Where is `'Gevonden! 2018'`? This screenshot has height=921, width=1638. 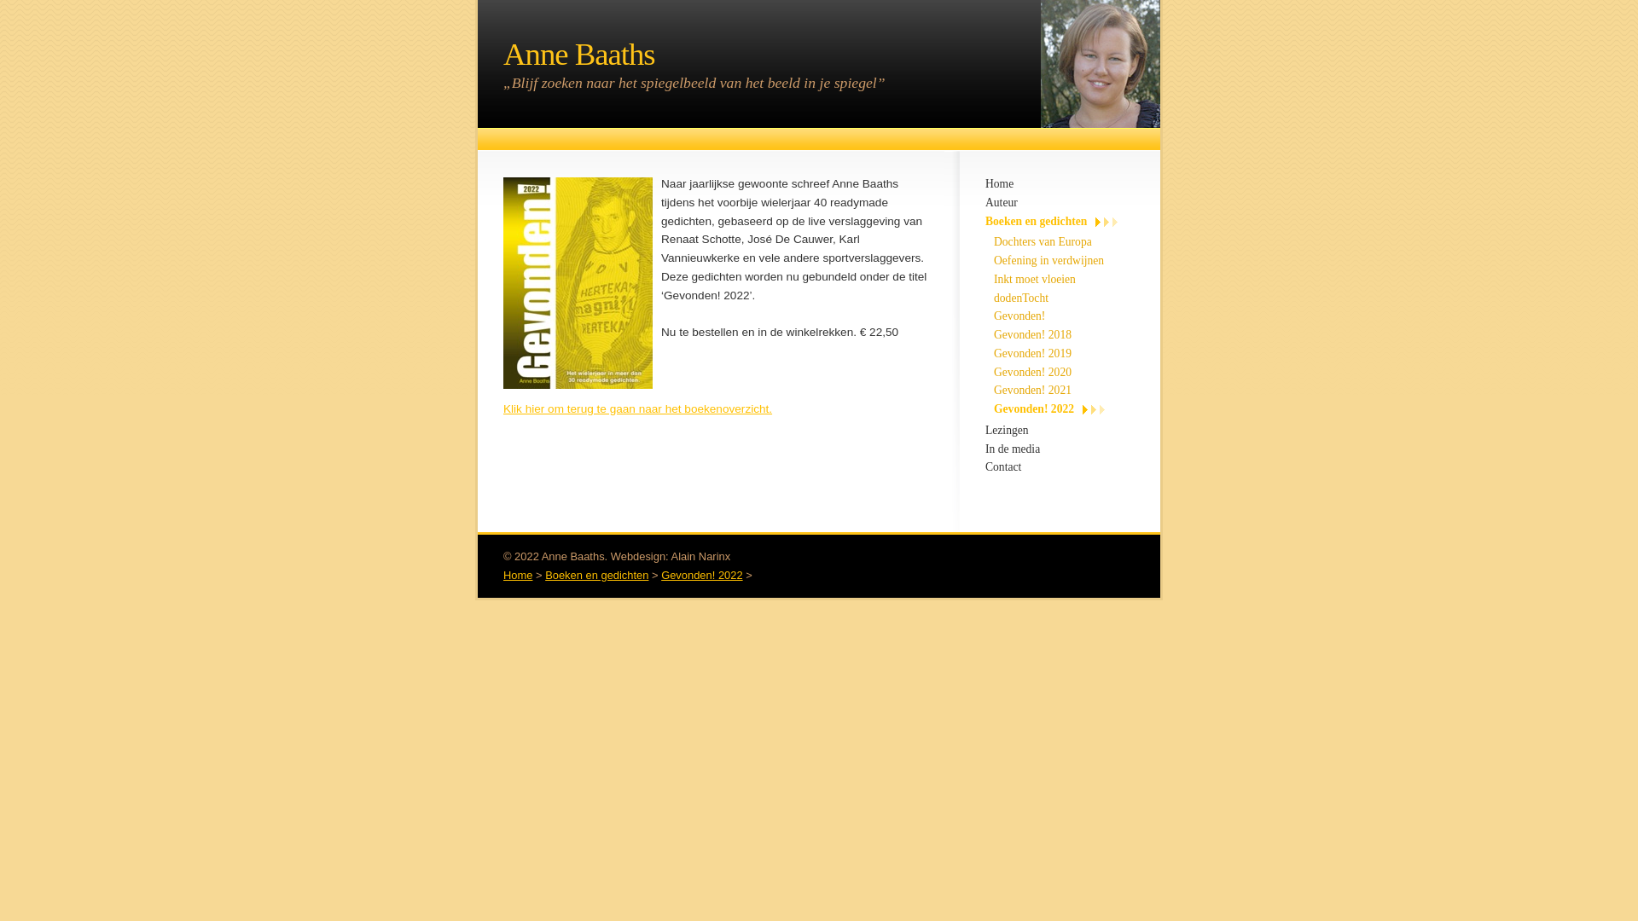 'Gevonden! 2018' is located at coordinates (1031, 334).